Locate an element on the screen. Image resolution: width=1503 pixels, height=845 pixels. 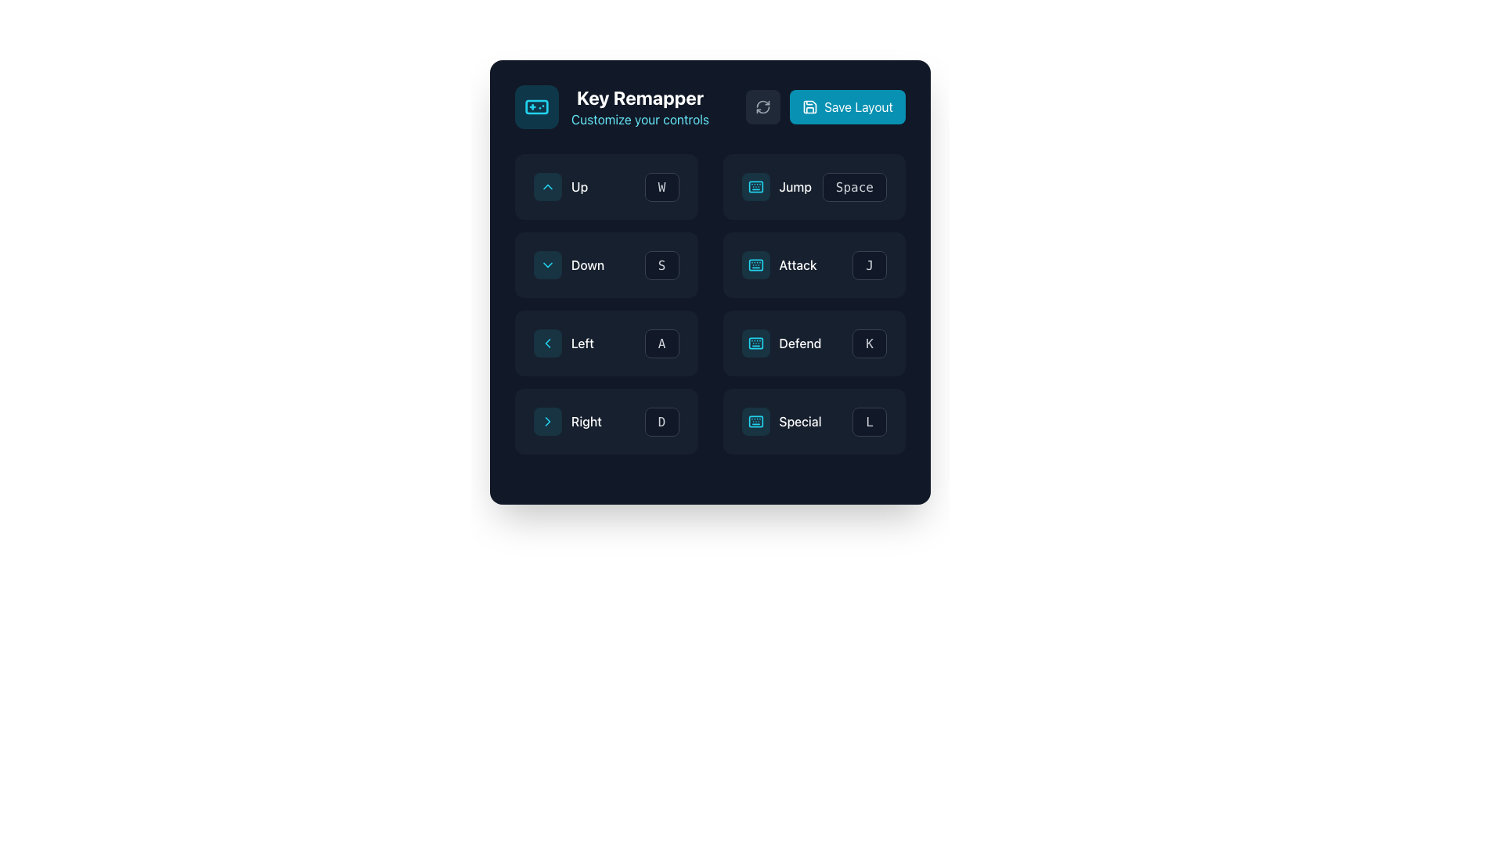
the small square-shaped button with a cyan outline and background, featuring a white line-art keyboard icon, located in the Jump action cluster at the top-right of the main grid is located at coordinates (755, 186).